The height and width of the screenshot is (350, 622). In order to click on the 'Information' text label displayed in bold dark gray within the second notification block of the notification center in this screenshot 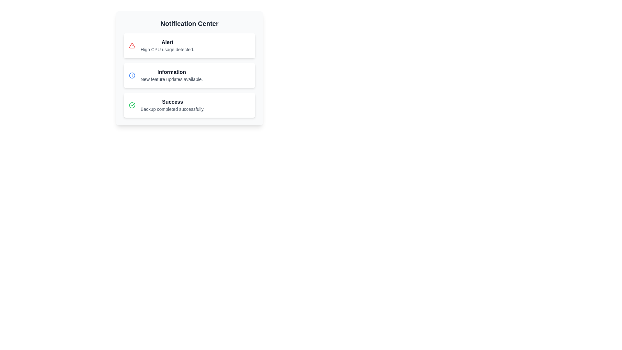, I will do `click(172, 72)`.